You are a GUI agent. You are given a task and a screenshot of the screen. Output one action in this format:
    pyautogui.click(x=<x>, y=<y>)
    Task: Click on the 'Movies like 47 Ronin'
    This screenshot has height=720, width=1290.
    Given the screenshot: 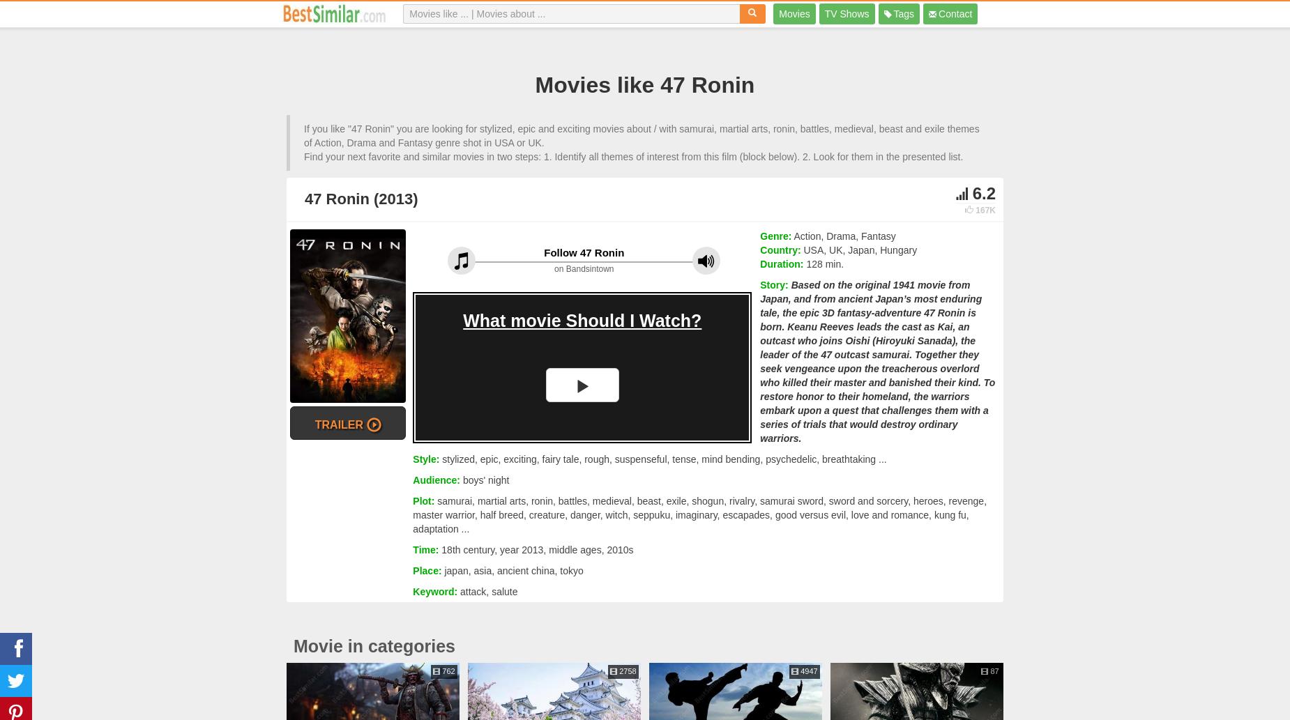 What is the action you would take?
    pyautogui.click(x=644, y=84)
    